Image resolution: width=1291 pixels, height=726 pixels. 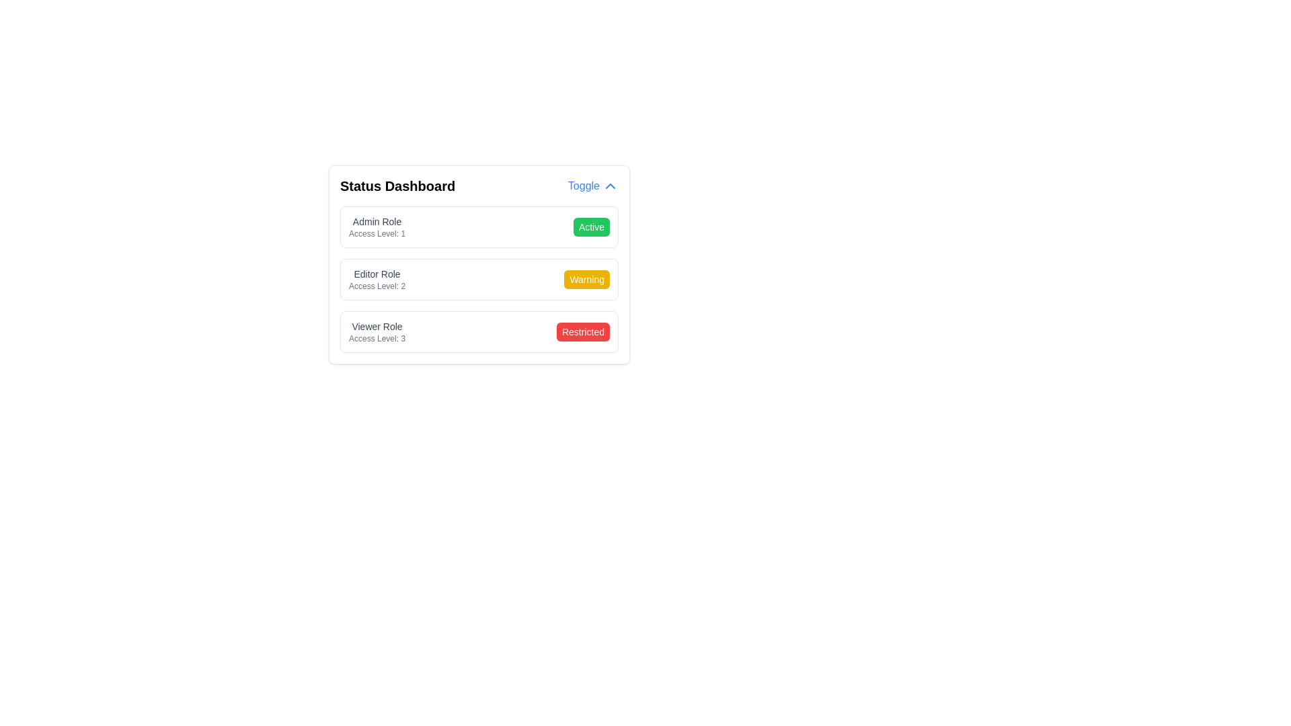 I want to click on the 'Viewer Role' text label, which is styled with medium gray font and positioned above 'Access Level: 3' in the 'Status Dashboard' section, so click(x=377, y=331).